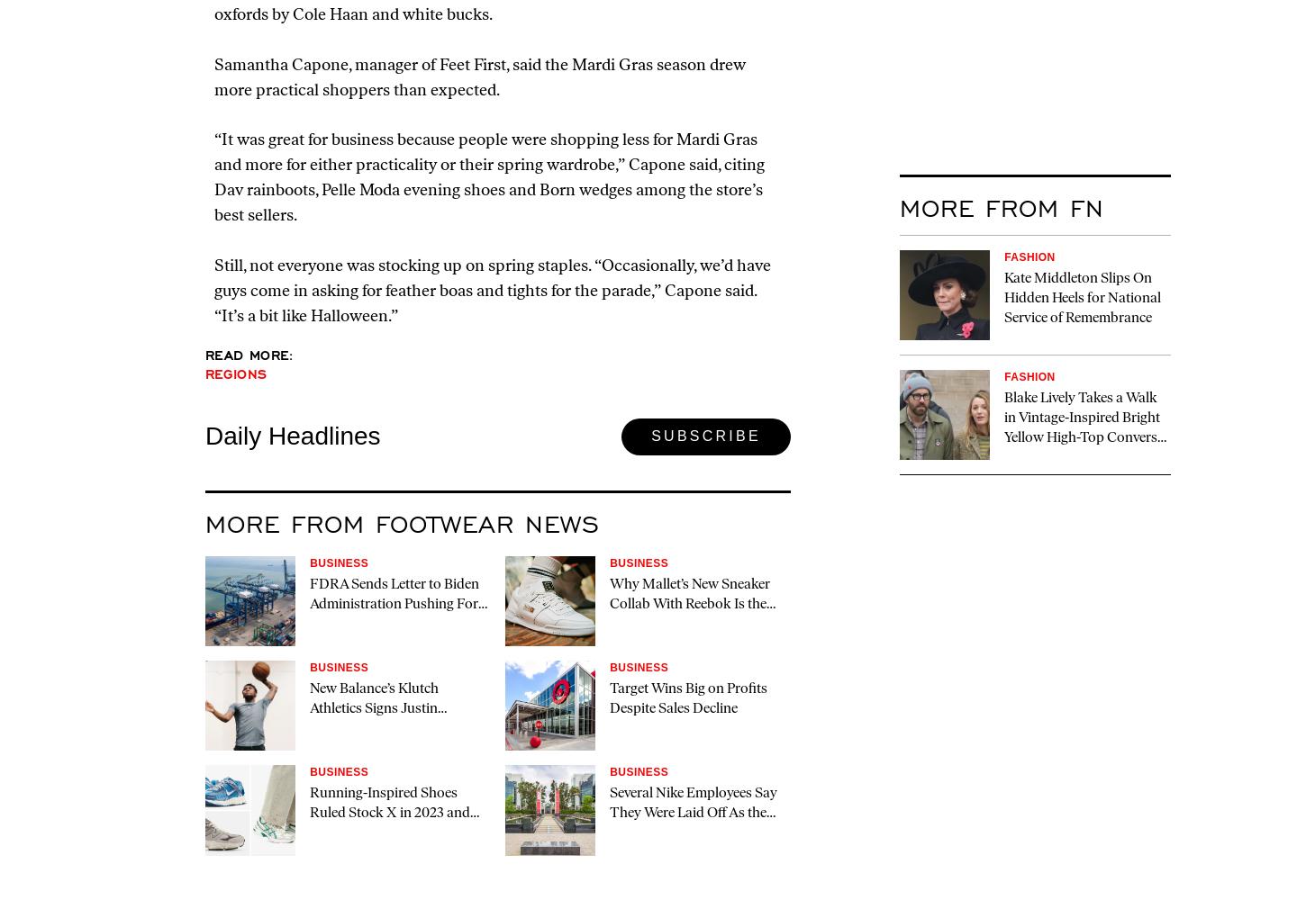 The height and width of the screenshot is (900, 1297). Describe the element at coordinates (249, 355) in the screenshot. I see `'Read More:'` at that location.